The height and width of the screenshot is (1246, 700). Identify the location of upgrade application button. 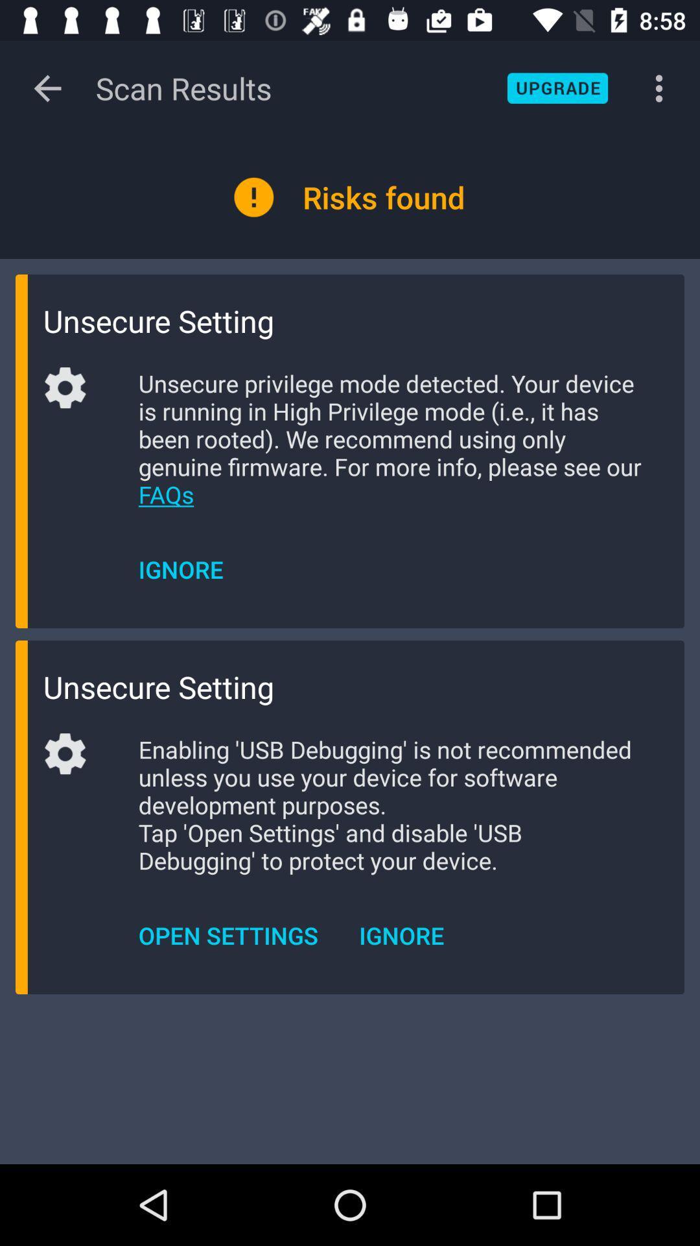
(557, 88).